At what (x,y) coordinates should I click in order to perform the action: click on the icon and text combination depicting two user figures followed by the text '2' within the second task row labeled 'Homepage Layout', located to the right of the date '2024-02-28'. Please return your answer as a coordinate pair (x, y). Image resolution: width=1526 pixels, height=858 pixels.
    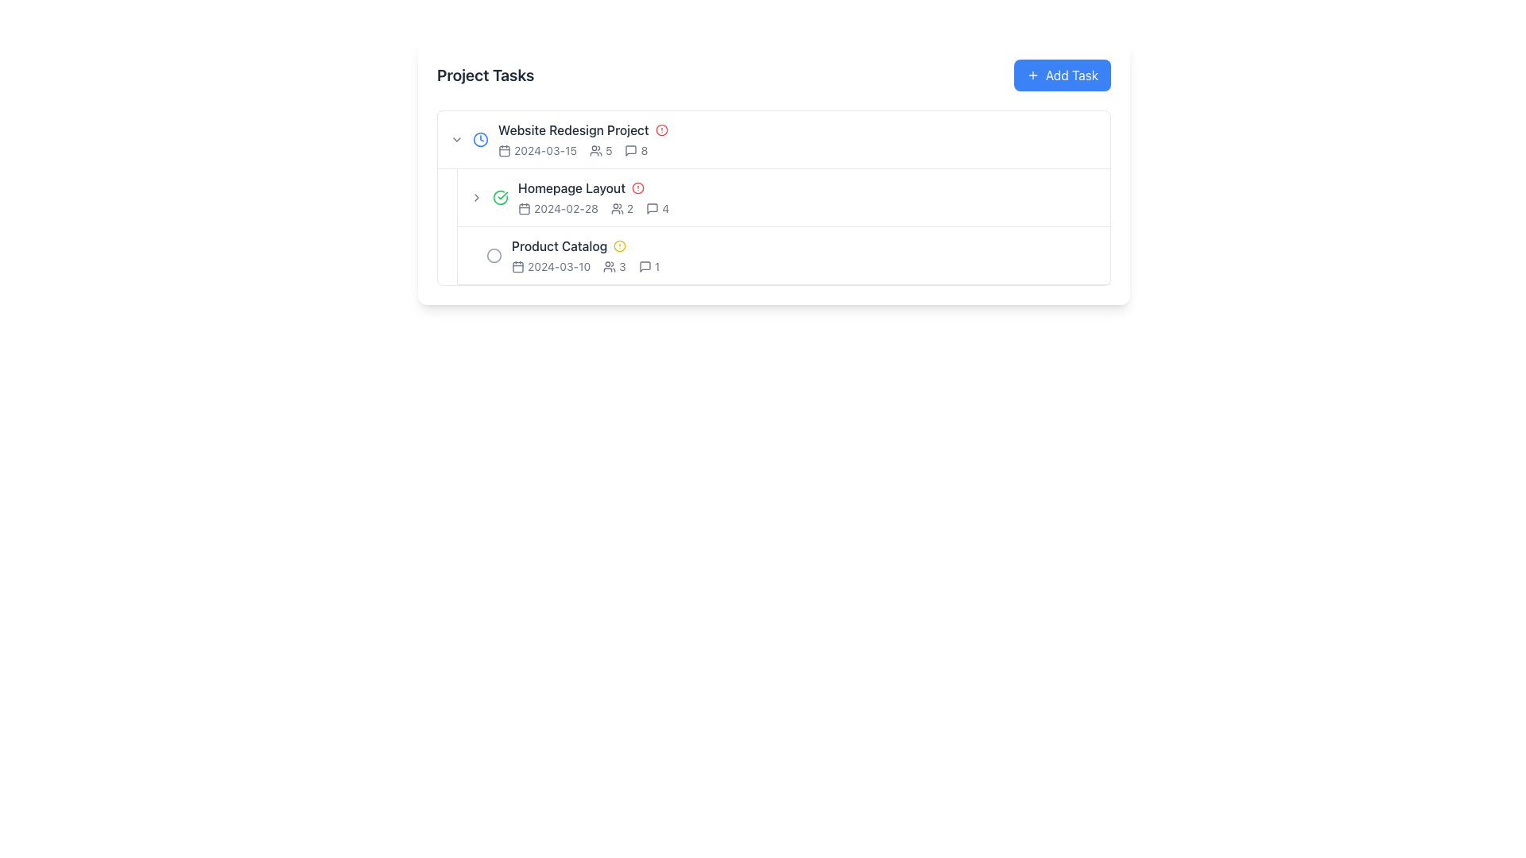
    Looking at the image, I should click on (621, 207).